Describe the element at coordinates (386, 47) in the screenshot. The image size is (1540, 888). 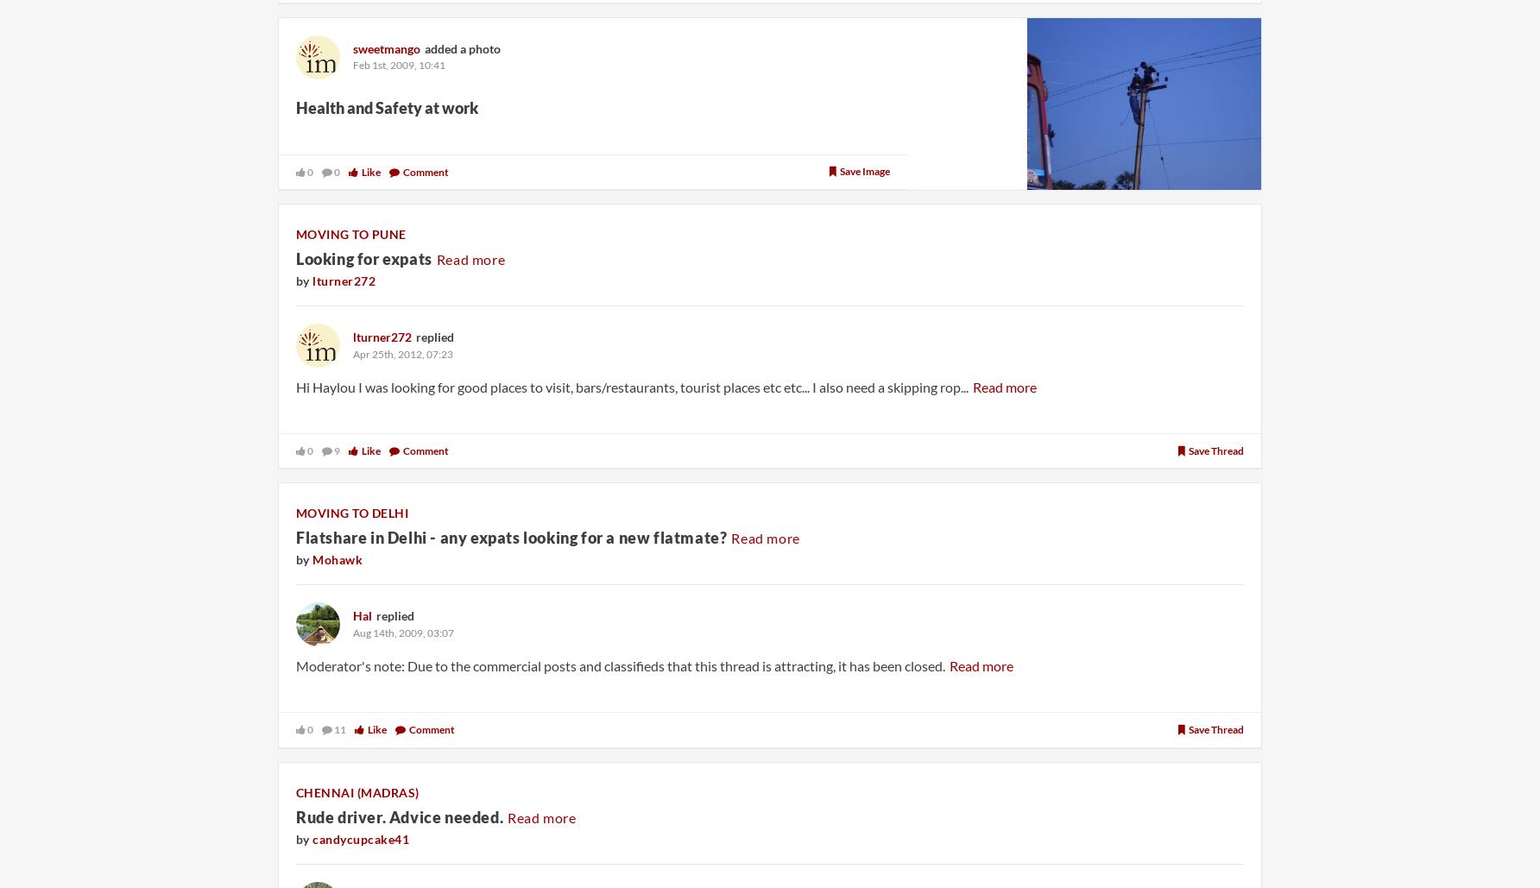
I see `'sweetmango'` at that location.